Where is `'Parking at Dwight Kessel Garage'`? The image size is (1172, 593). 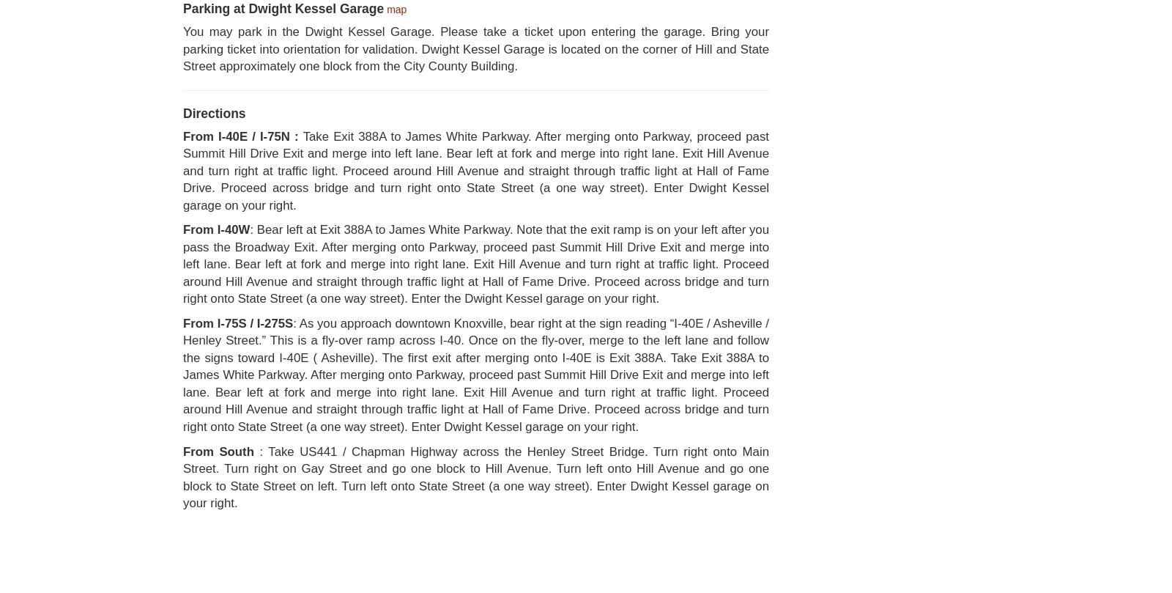
'Parking at Dwight Kessel Garage' is located at coordinates (283, 8).